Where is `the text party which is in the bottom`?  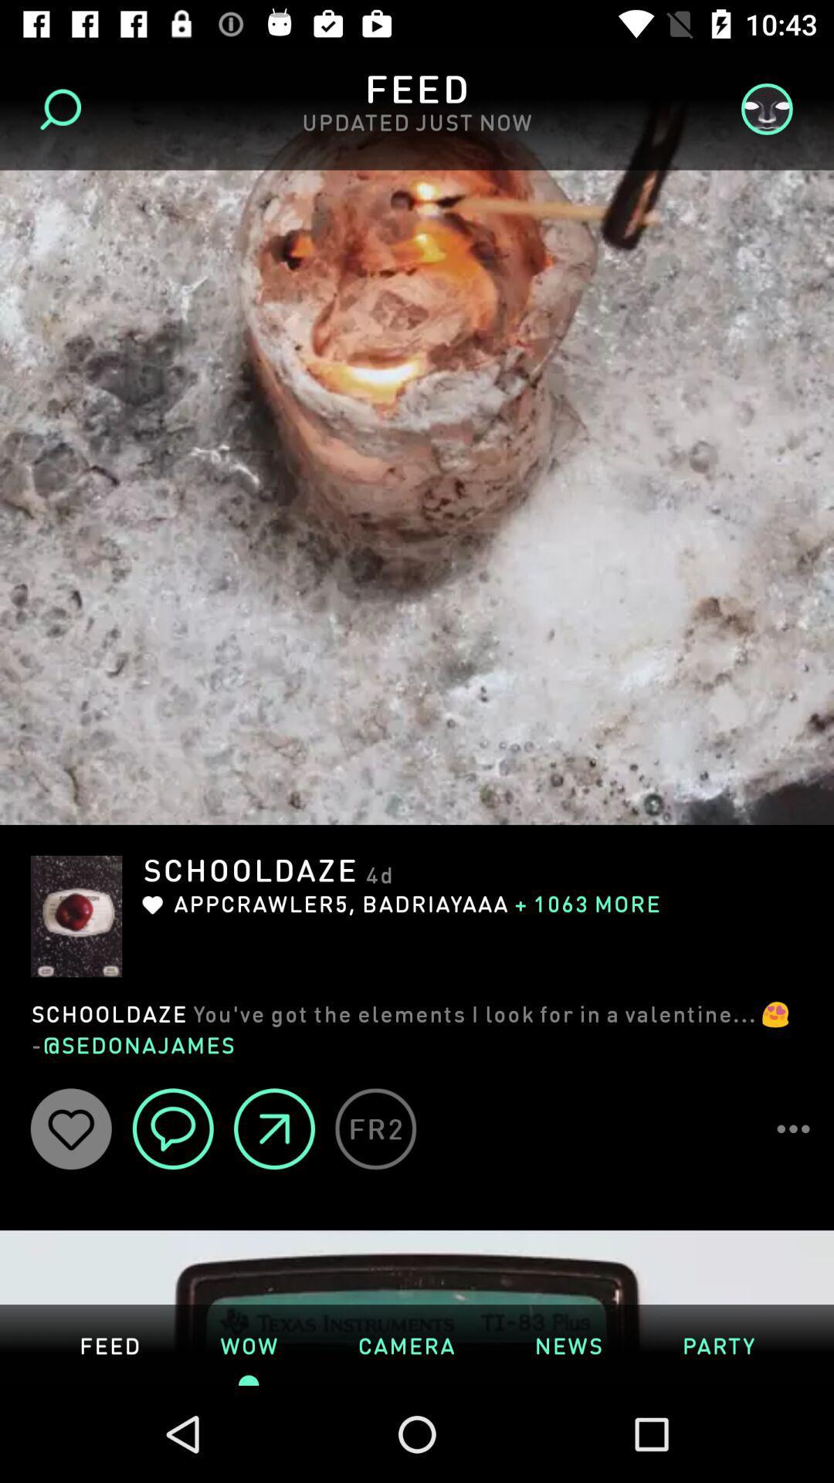 the text party which is in the bottom is located at coordinates (718, 1344).